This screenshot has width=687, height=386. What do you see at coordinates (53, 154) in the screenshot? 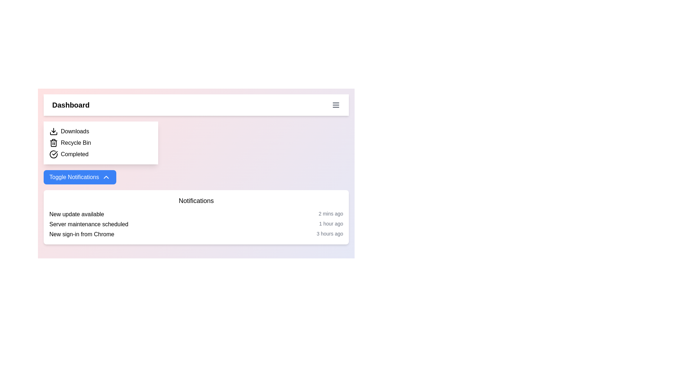
I see `the 'completed' state icon located in the 'Dashboard' menu dropdown, which is the third item in the vertical list next to the 'Completed' text label` at bounding box center [53, 154].